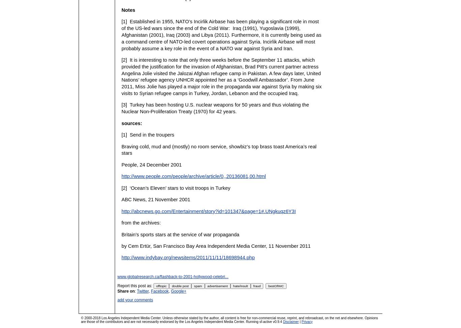 This screenshot has height=328, width=461. What do you see at coordinates (151, 164) in the screenshot?
I see `'People, 24 December 2001'` at bounding box center [151, 164].